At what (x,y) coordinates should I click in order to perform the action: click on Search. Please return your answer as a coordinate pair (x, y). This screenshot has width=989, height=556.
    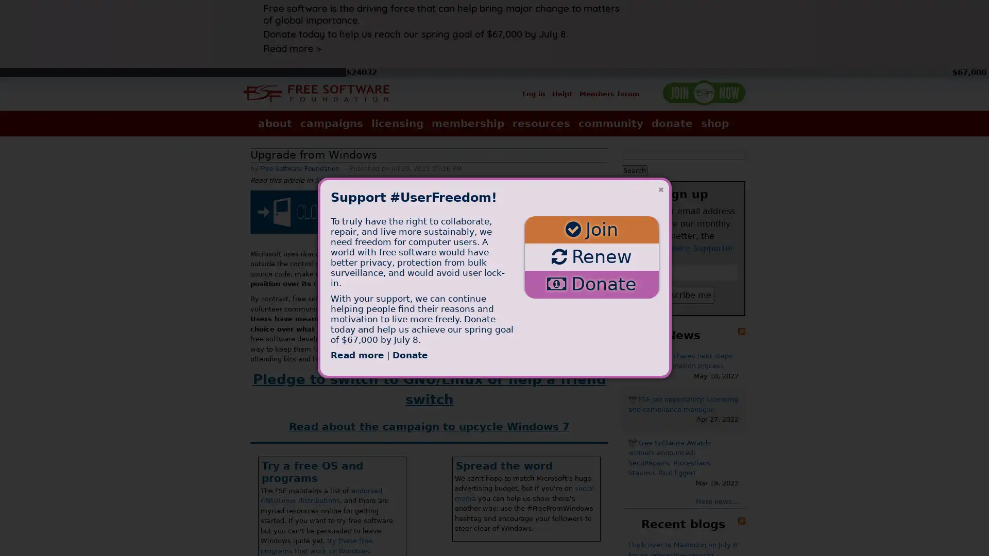
    Looking at the image, I should click on (634, 169).